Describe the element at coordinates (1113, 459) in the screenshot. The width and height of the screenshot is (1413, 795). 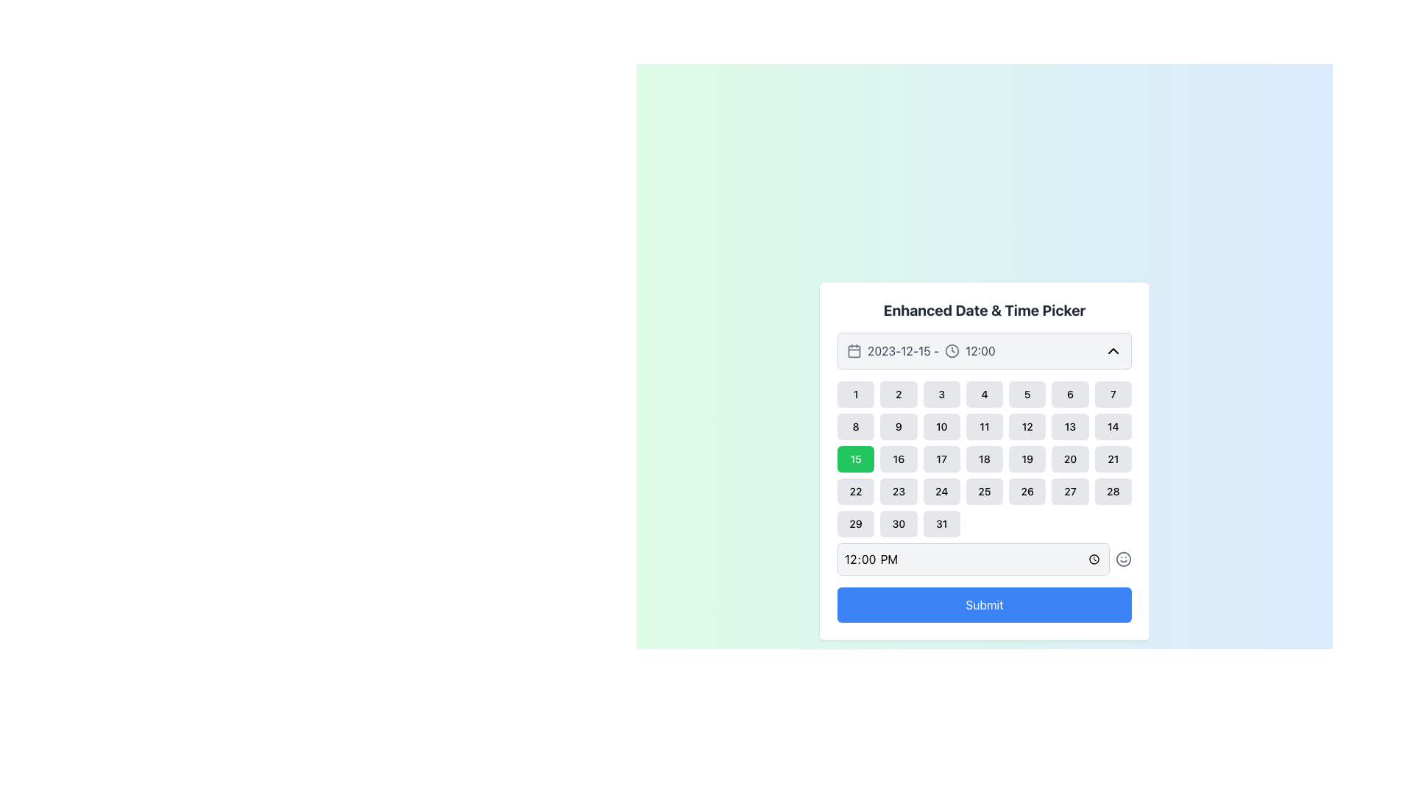
I see `the button labeled '21' in the Enhanced Date & Time Picker dialog to change its appearance` at that location.